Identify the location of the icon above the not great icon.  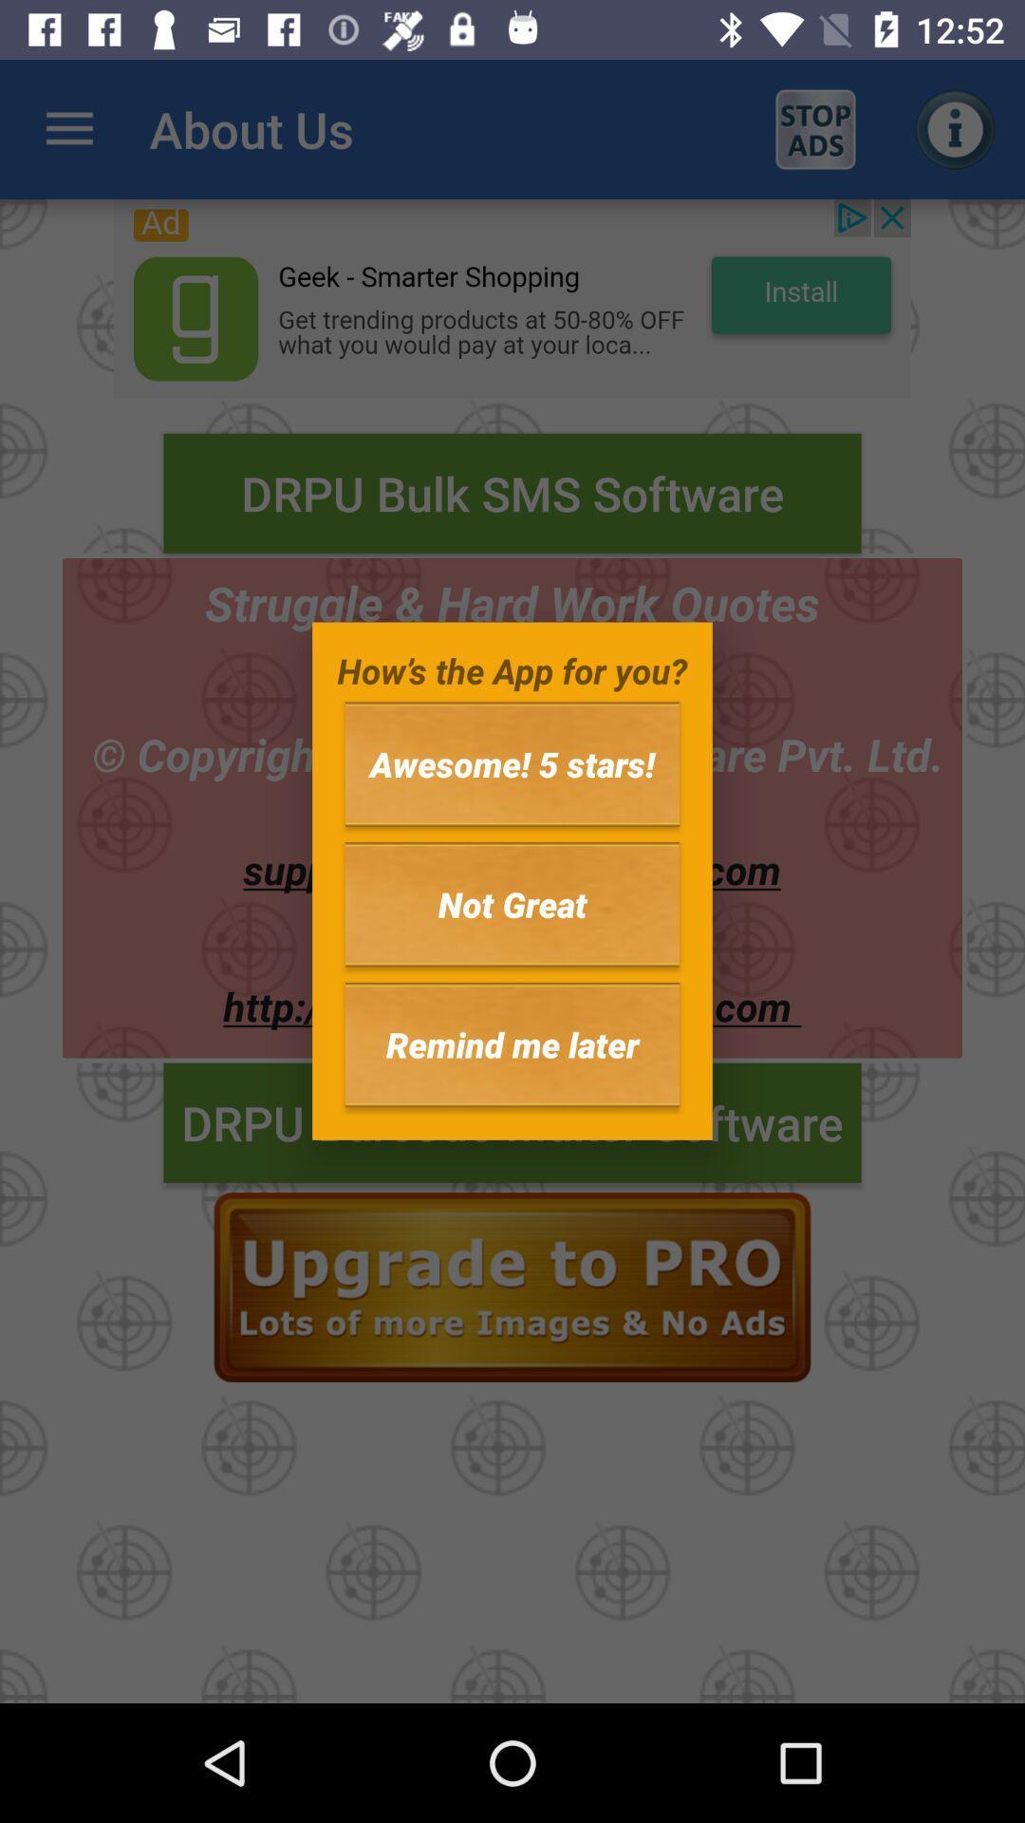
(512, 764).